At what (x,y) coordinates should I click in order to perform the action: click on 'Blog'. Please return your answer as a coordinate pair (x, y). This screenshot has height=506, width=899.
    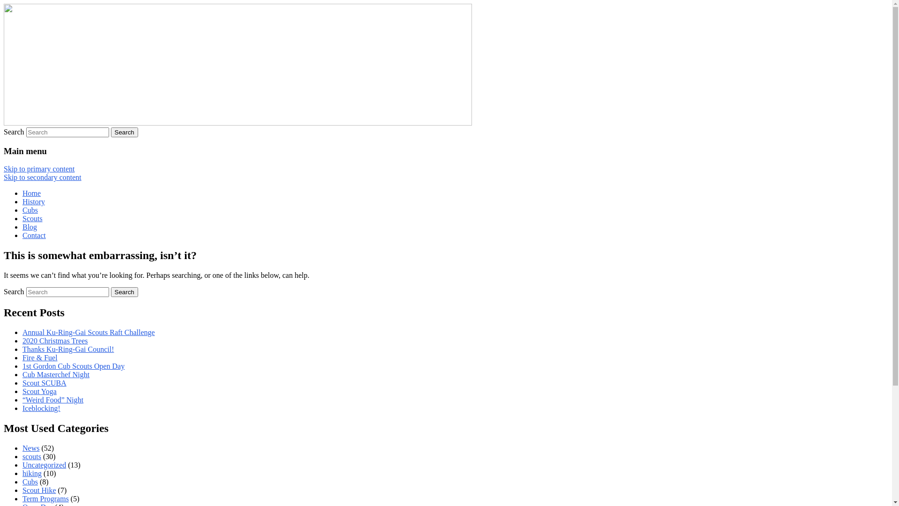
    Looking at the image, I should click on (29, 227).